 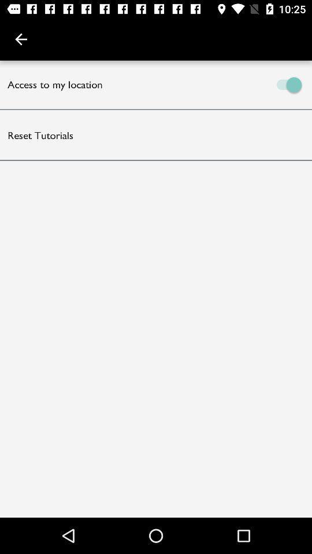 I want to click on item at the top right corner, so click(x=234, y=84).